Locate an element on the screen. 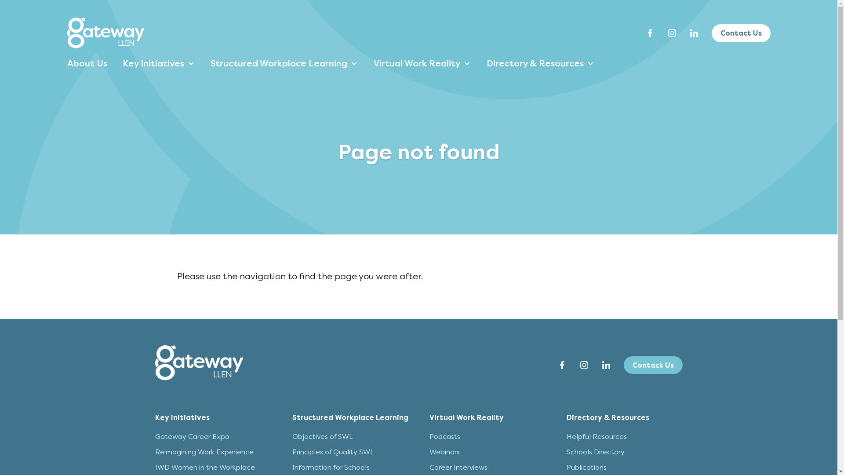 The width and height of the screenshot is (844, 475). 'Key Initiatives' is located at coordinates (157, 63).